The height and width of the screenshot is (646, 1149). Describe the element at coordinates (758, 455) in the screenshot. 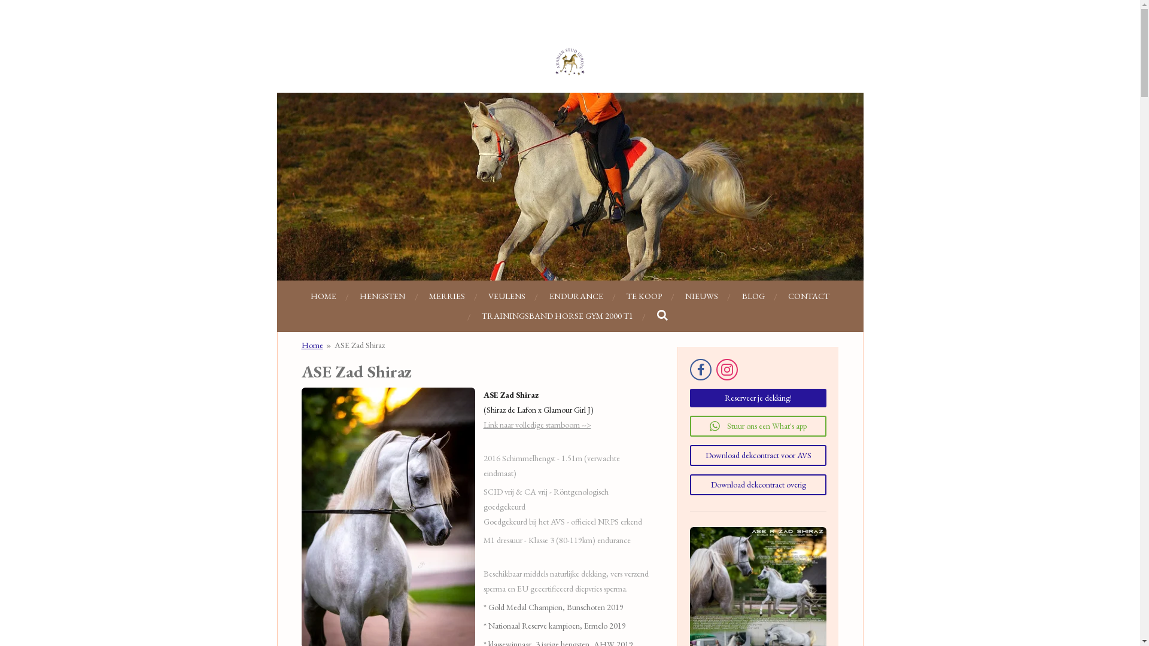

I see `'Download dekcontract voor AVS'` at that location.